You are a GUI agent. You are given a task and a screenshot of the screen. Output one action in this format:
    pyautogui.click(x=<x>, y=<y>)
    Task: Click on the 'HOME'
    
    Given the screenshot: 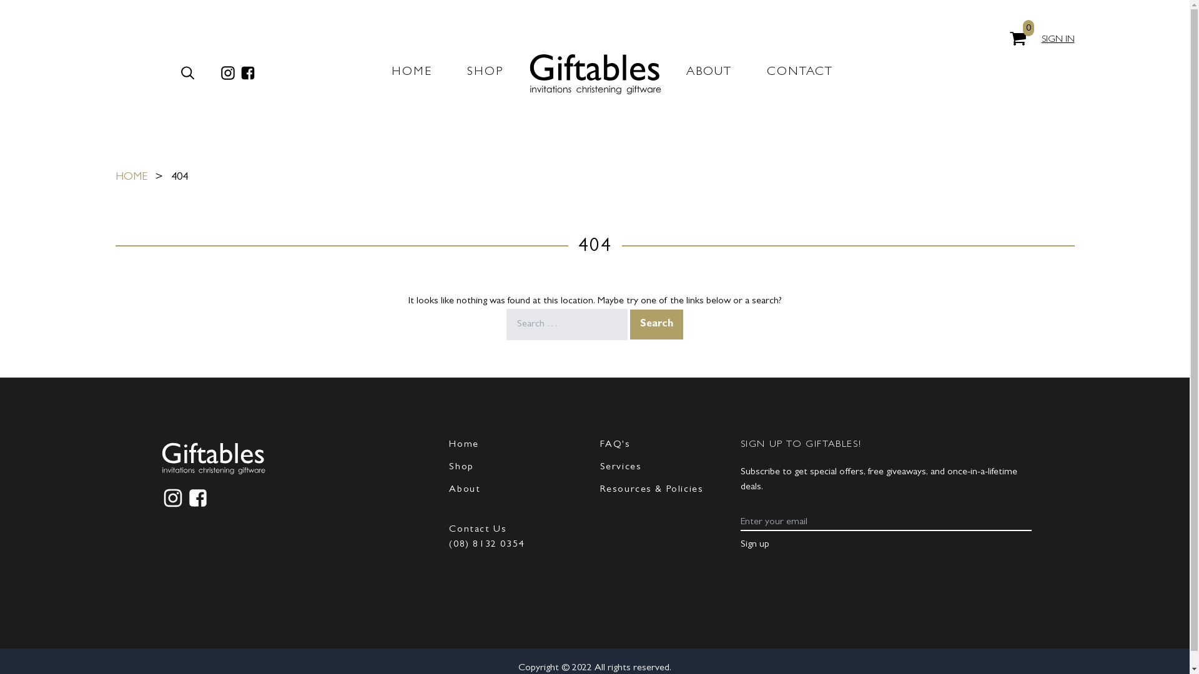 What is the action you would take?
    pyautogui.click(x=131, y=178)
    